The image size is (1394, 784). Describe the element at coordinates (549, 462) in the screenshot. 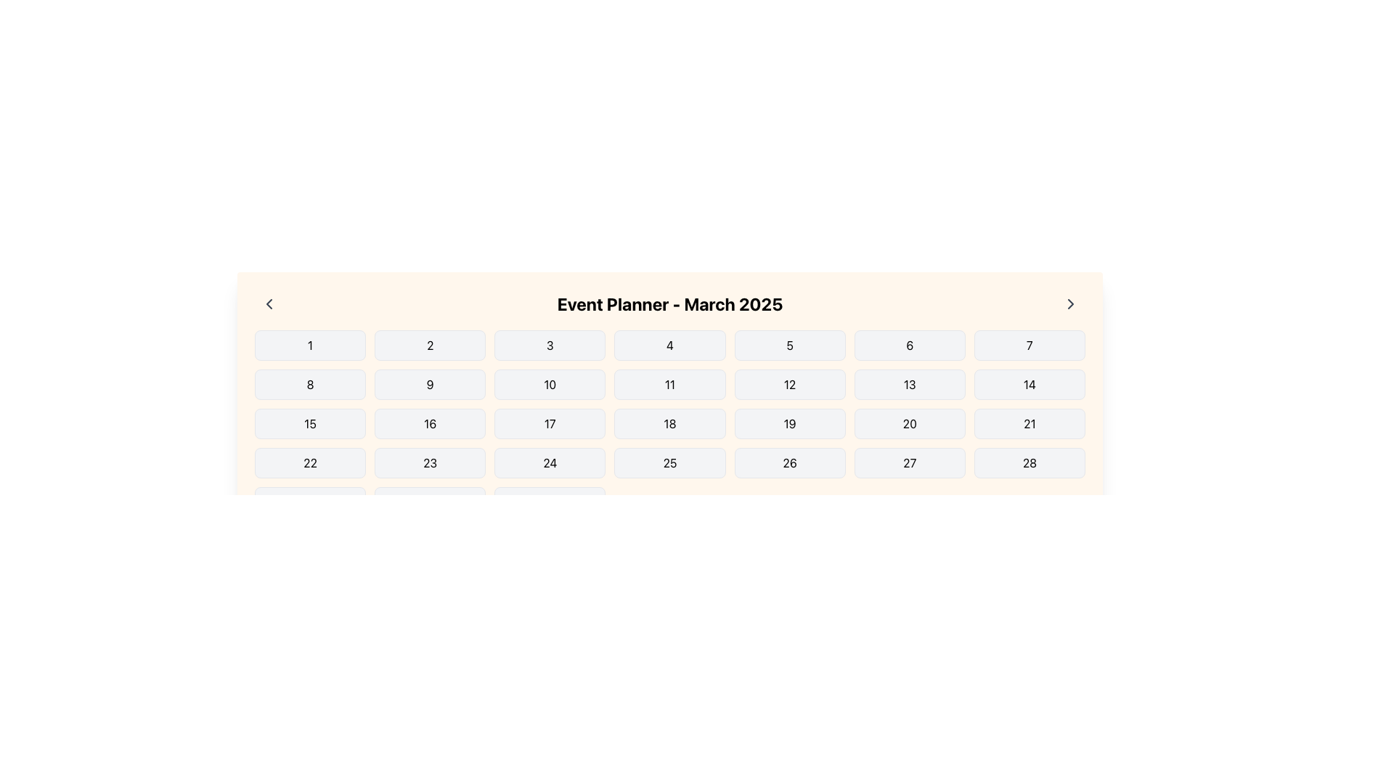

I see `the button representing the 24th day of the month in the calendar layout` at that location.